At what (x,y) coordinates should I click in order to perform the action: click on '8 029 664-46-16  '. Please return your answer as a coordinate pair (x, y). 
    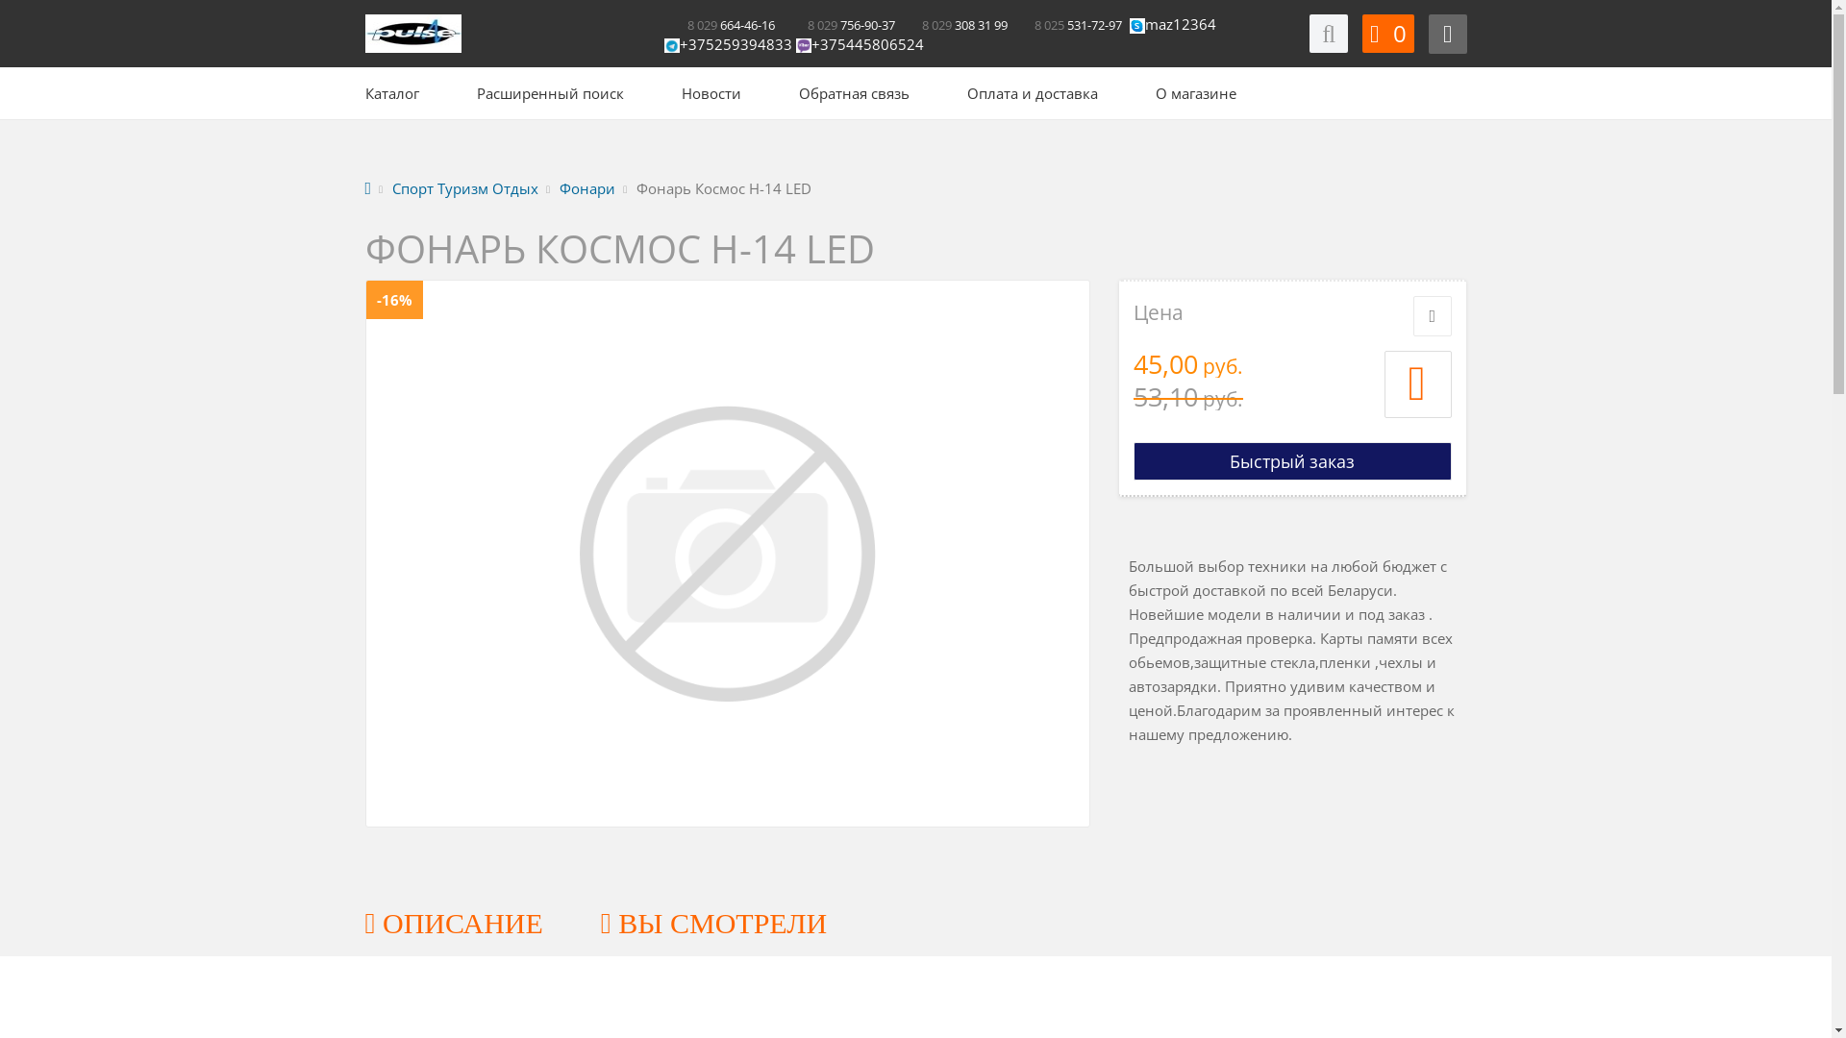
    Looking at the image, I should click on (720, 23).